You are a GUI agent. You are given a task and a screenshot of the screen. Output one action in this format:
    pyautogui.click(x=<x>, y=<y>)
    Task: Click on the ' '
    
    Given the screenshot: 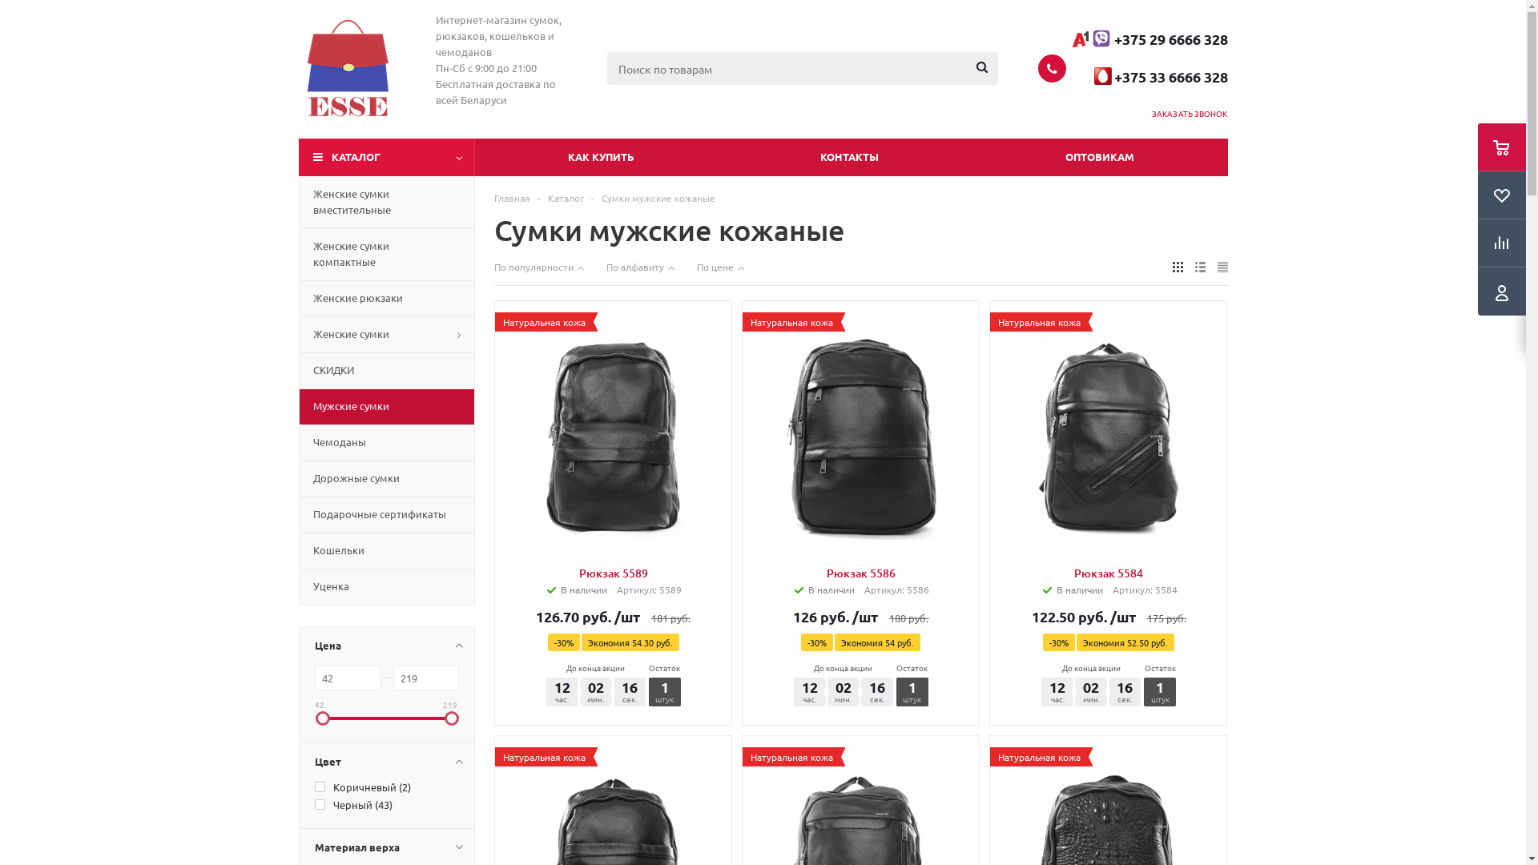 What is the action you would take?
    pyautogui.click(x=1110, y=76)
    